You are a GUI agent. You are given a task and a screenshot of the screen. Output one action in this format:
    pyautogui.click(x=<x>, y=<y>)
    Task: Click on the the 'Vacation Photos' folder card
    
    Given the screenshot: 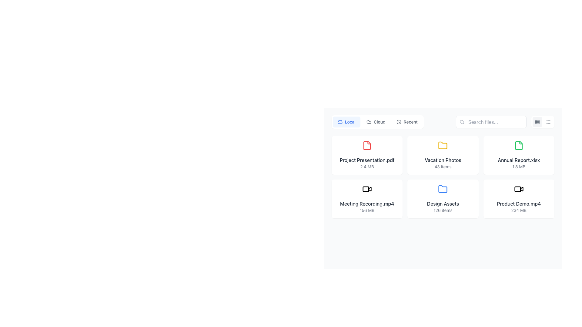 What is the action you would take?
    pyautogui.click(x=443, y=155)
    